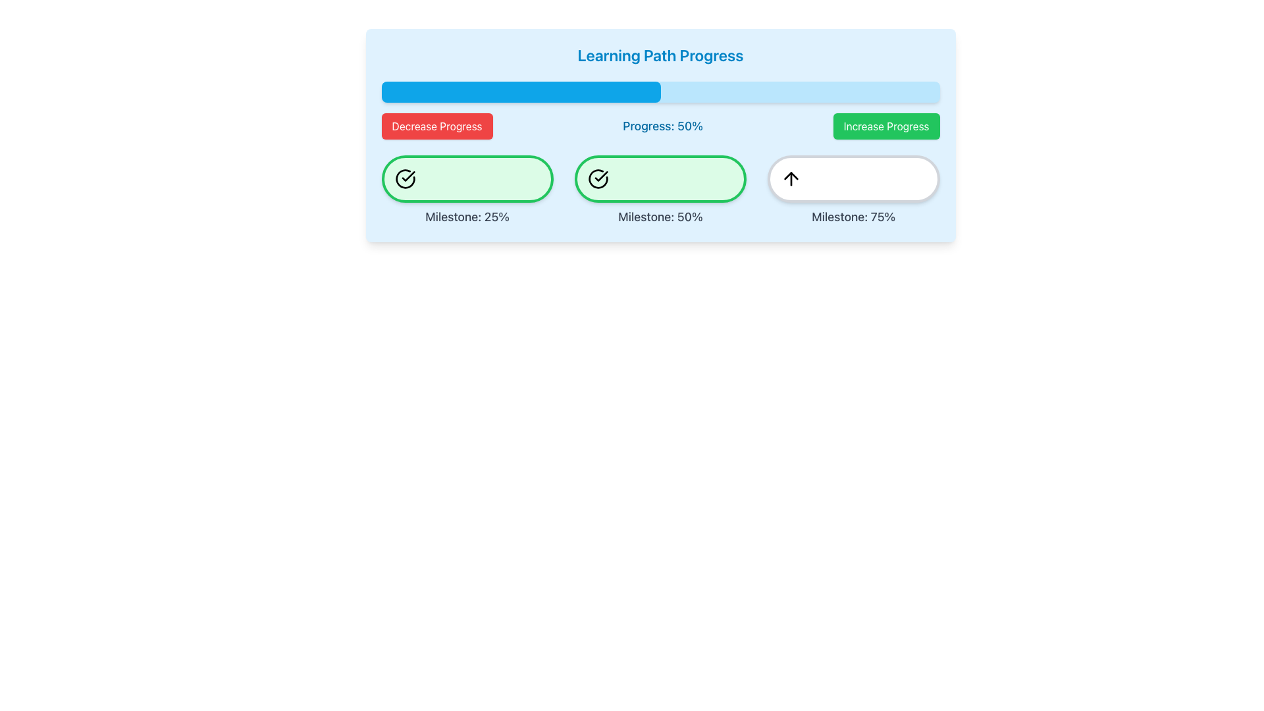 This screenshot has width=1264, height=711. What do you see at coordinates (885, 126) in the screenshot?
I see `the 'Increase Progress' button located in the top-right portion of the interface` at bounding box center [885, 126].